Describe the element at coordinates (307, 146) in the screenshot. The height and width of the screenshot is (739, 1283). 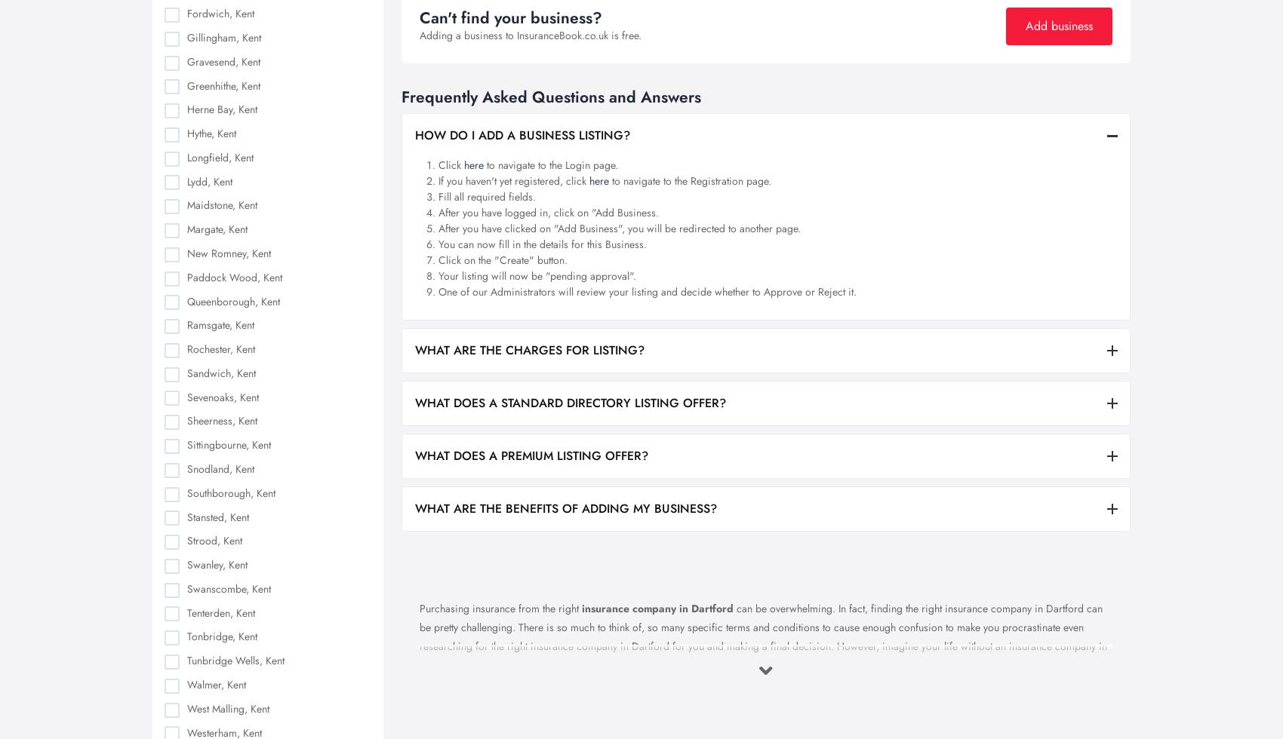
I see `'Best Home Contents Insurance | Buildings Cont ...'` at that location.